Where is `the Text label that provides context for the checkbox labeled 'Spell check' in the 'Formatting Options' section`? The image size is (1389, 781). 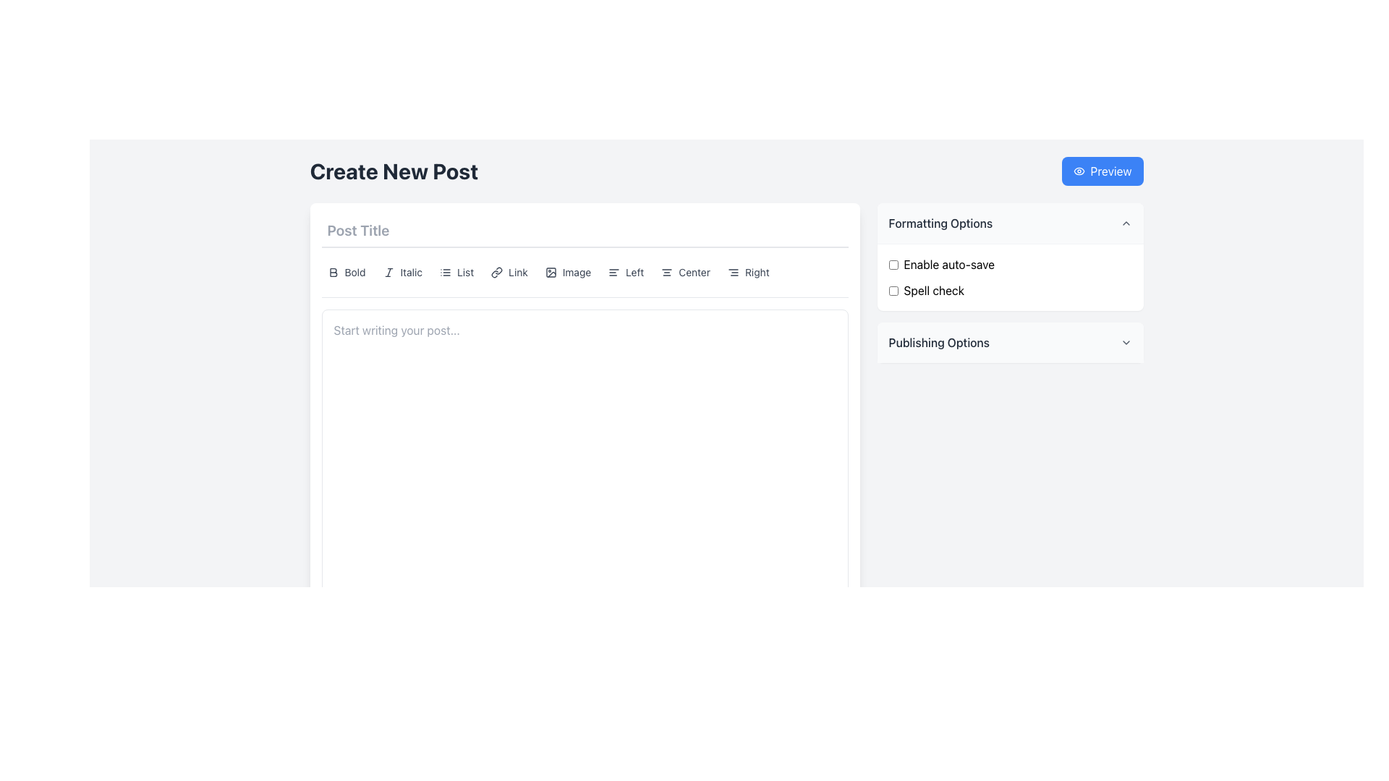 the Text label that provides context for the checkbox labeled 'Spell check' in the 'Formatting Options' section is located at coordinates (934, 290).